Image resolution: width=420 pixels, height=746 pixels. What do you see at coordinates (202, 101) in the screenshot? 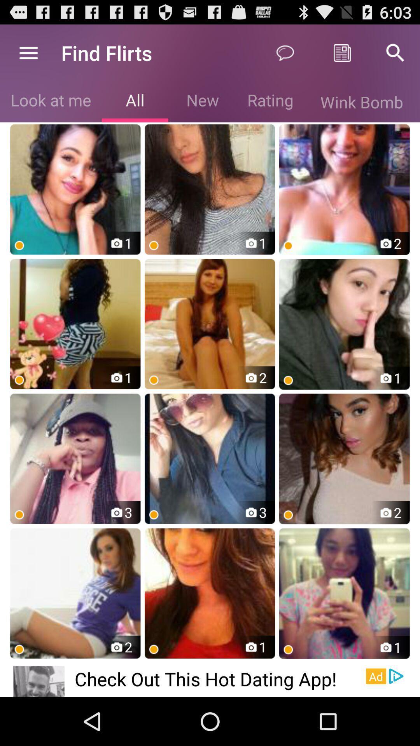
I see `the new` at bounding box center [202, 101].